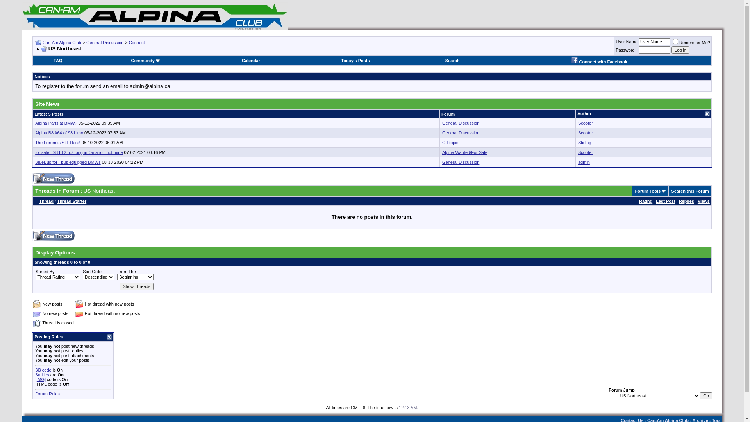 The width and height of the screenshot is (750, 422). Describe the element at coordinates (41, 374) in the screenshot. I see `'Smilies'` at that location.